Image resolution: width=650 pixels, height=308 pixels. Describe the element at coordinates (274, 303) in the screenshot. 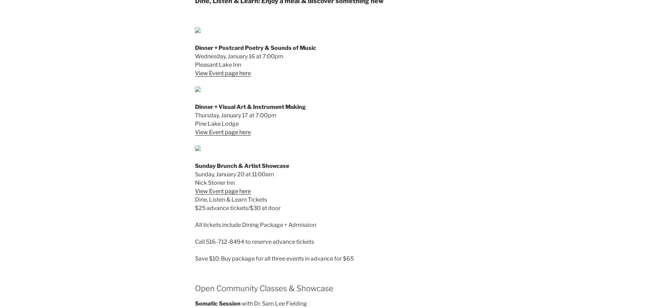

I see `'with Dr. Sam Lee Fielding'` at that location.